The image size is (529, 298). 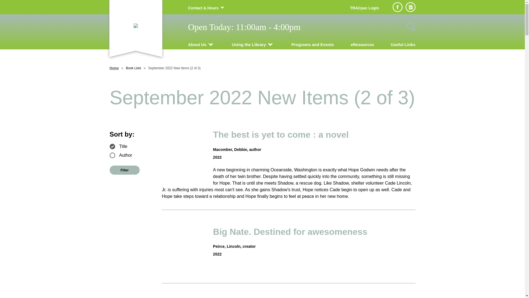 I want to click on 'Contact & Hours', so click(x=203, y=8).